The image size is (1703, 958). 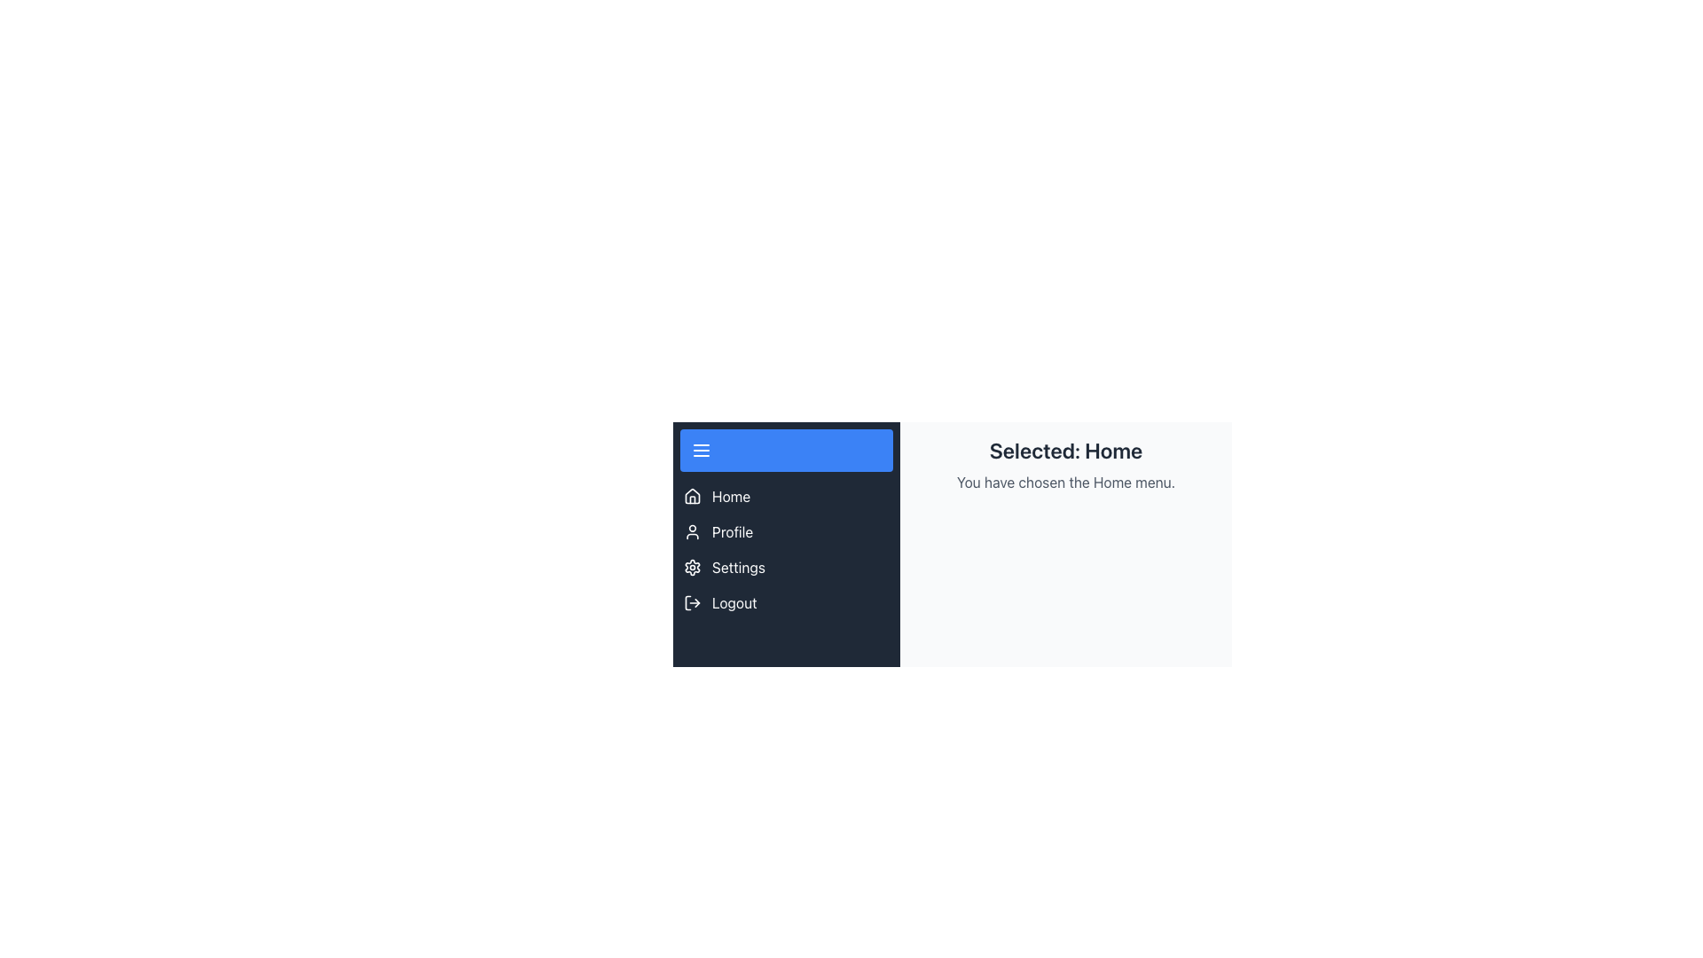 I want to click on the 'Settings' icon in the vertical navigation menu, which is the third item from the top, located to the left of the 'Settings' text, so click(x=692, y=568).